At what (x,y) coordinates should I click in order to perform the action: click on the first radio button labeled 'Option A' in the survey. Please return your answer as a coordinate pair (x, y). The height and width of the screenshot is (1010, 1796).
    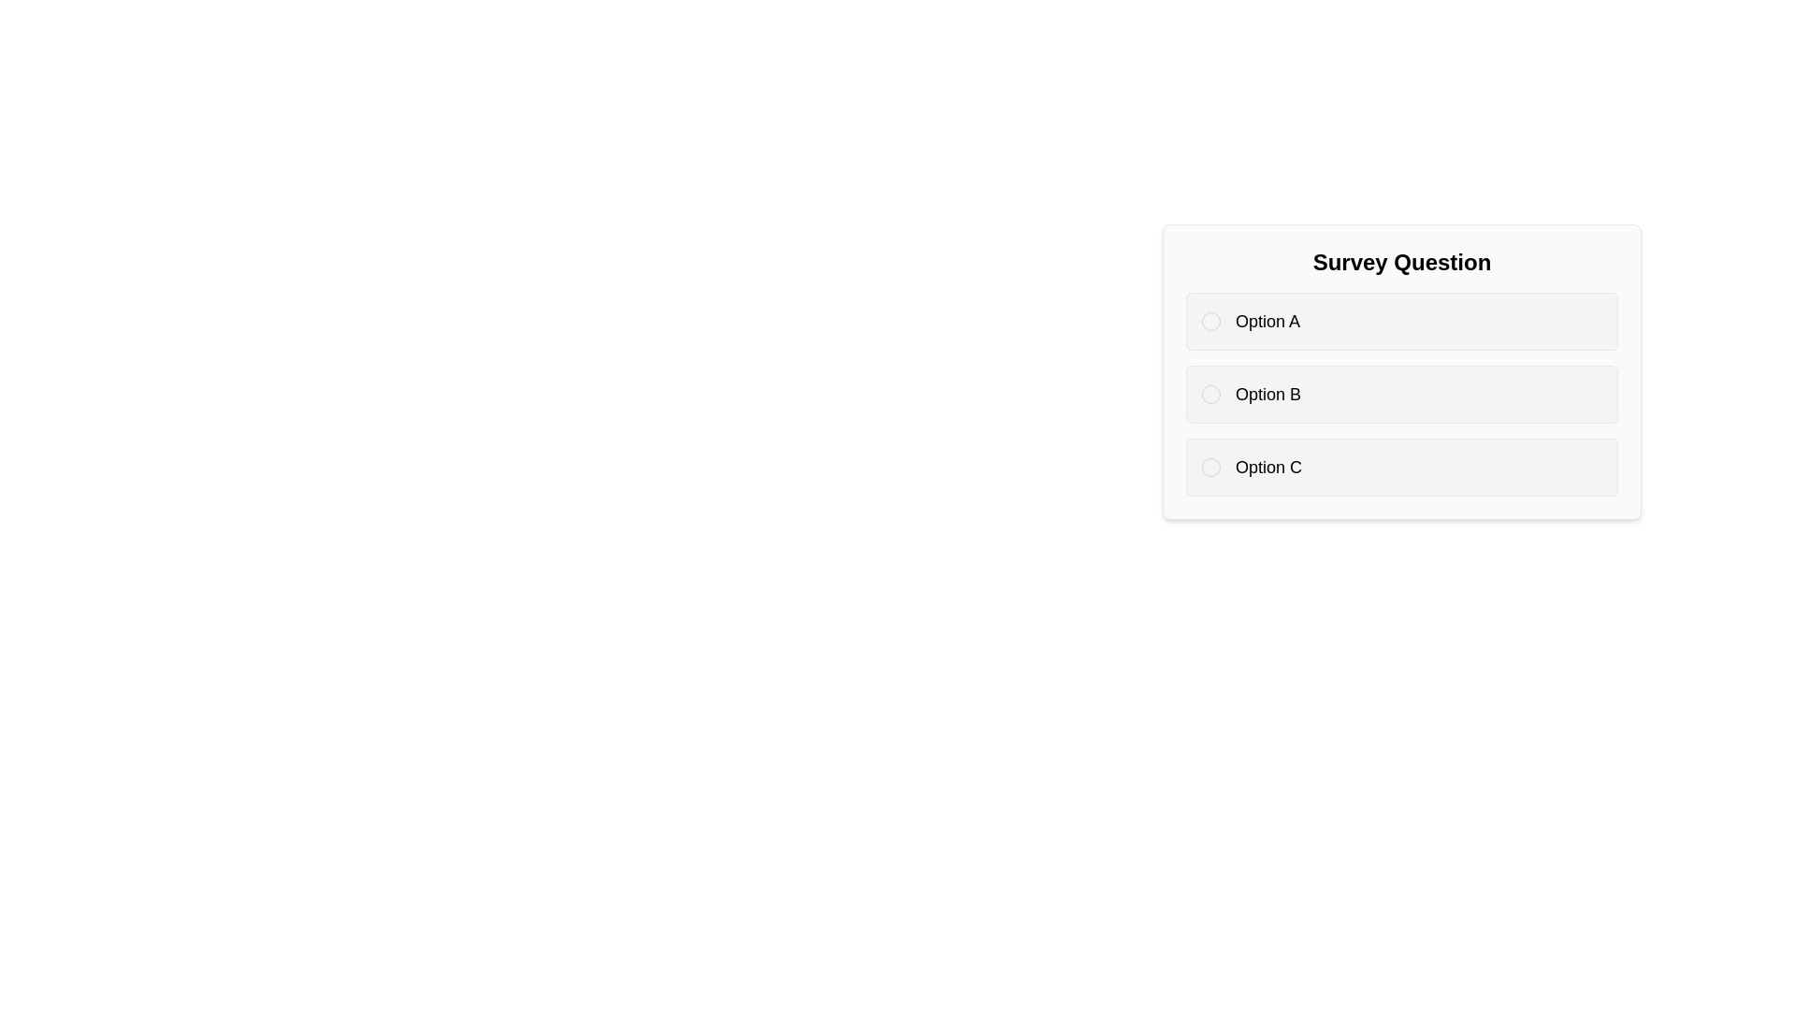
    Looking at the image, I should click on (1211, 320).